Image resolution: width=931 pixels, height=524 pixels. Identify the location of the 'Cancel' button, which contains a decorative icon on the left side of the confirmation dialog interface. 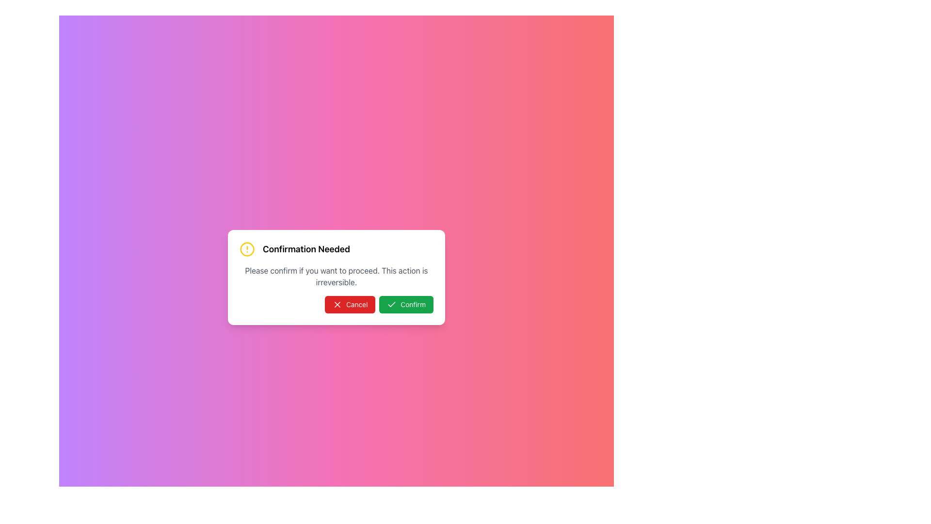
(337, 304).